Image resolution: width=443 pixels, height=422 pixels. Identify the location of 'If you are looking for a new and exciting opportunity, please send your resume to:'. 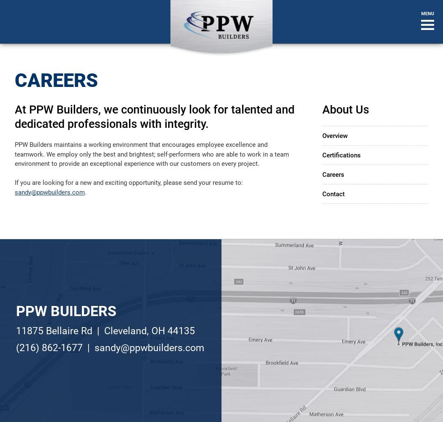
(129, 183).